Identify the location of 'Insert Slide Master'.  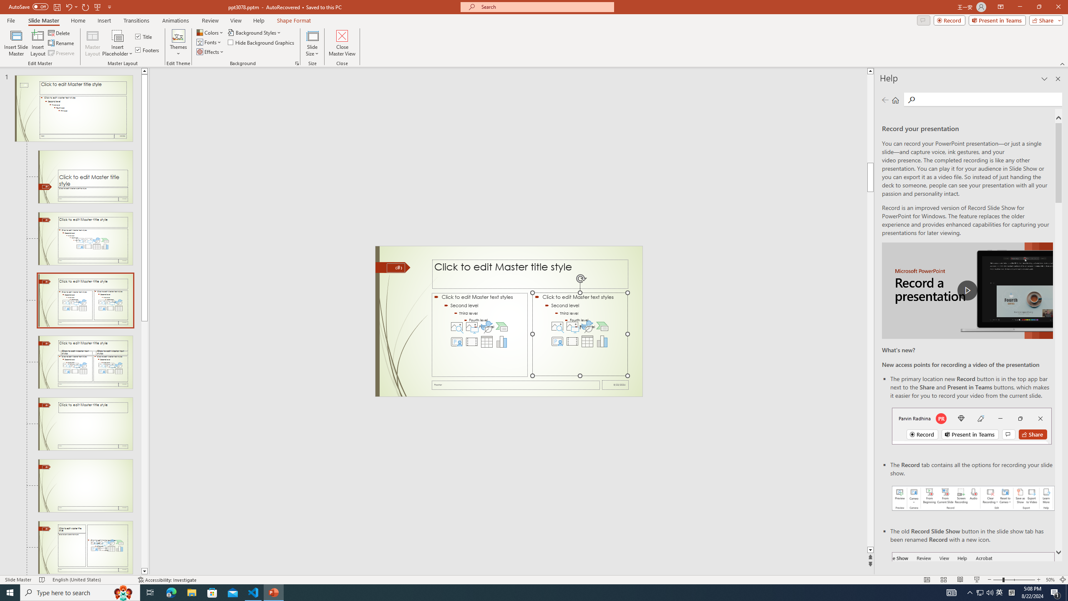
(15, 43).